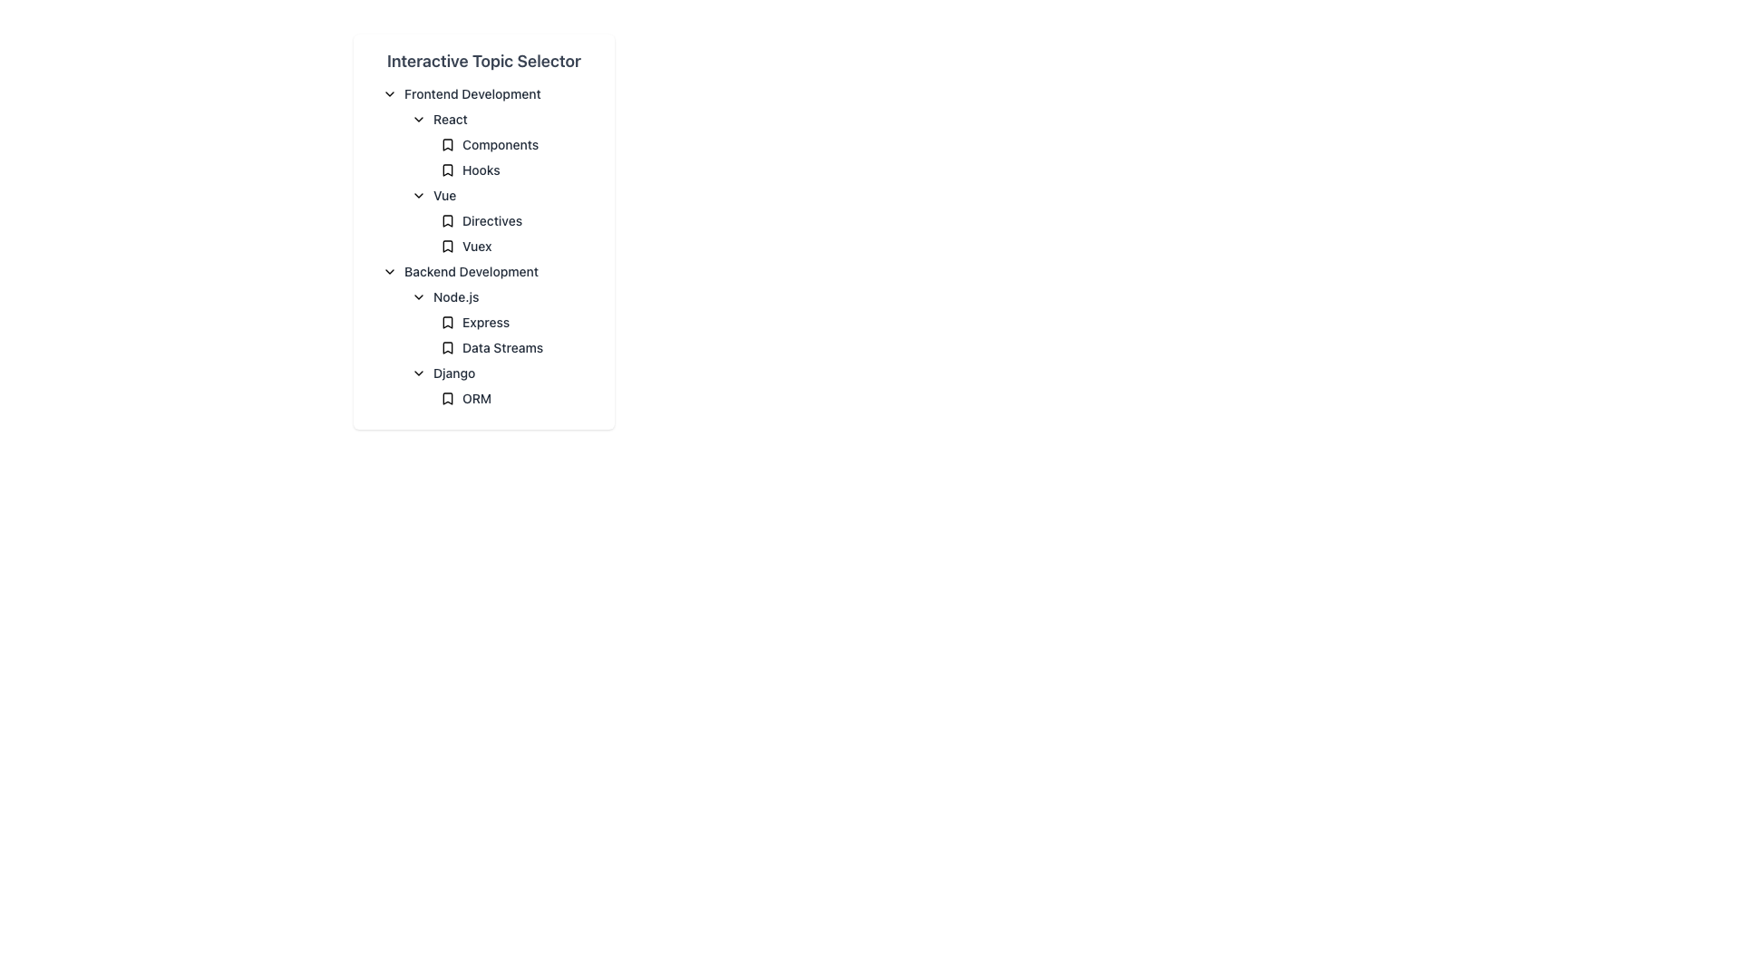 Image resolution: width=1741 pixels, height=979 pixels. Describe the element at coordinates (450, 119) in the screenshot. I see `the static text label displaying 'React' which is adjacent to an arrow-down icon under the 'Frontend Development' category` at that location.